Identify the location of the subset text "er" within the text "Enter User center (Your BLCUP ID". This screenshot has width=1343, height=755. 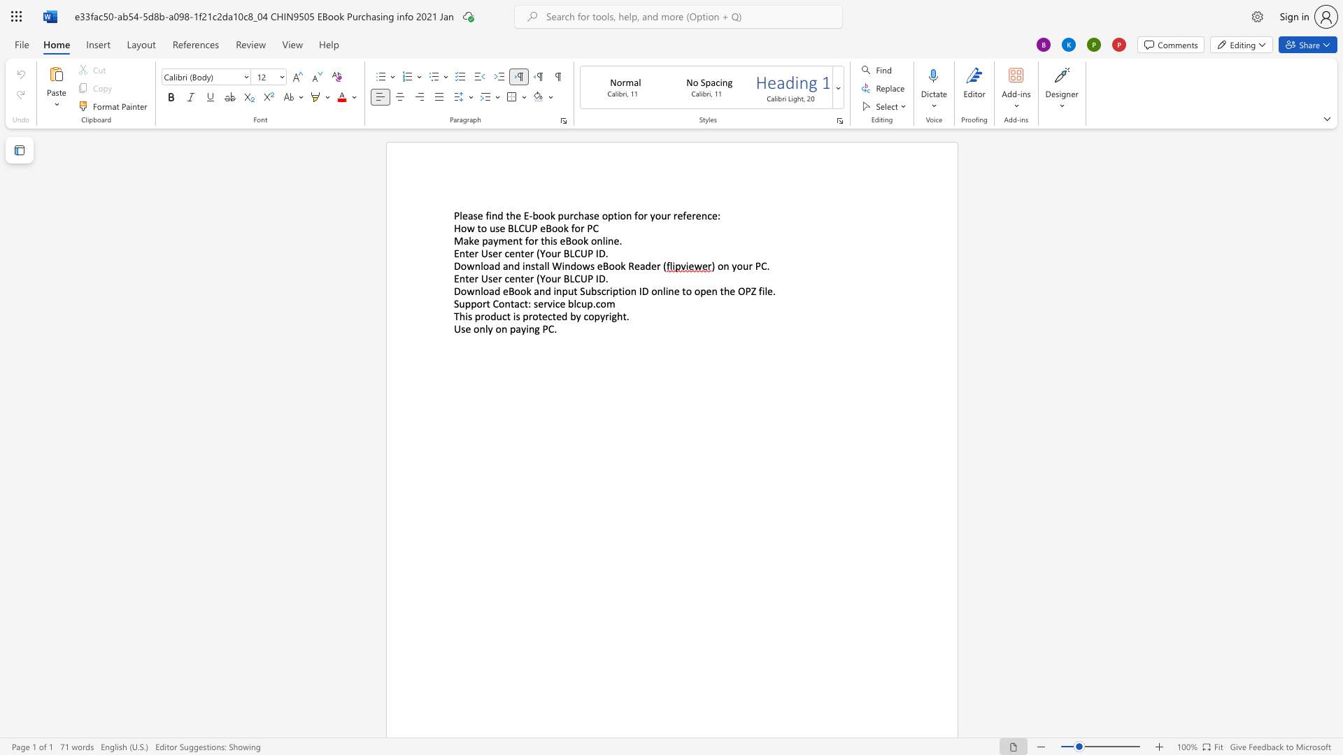
(523, 253).